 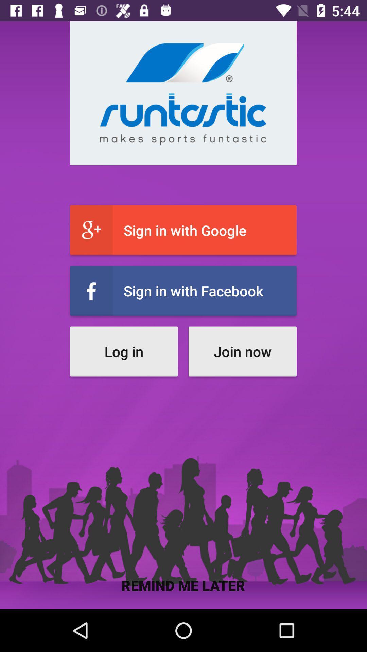 What do you see at coordinates (242, 351) in the screenshot?
I see `the join now button` at bounding box center [242, 351].